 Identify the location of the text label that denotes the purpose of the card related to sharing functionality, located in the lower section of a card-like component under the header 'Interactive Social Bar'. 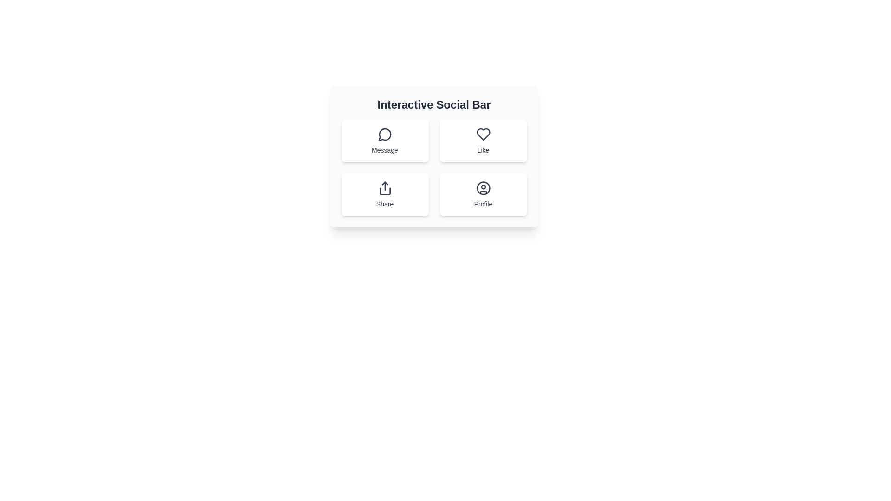
(385, 203).